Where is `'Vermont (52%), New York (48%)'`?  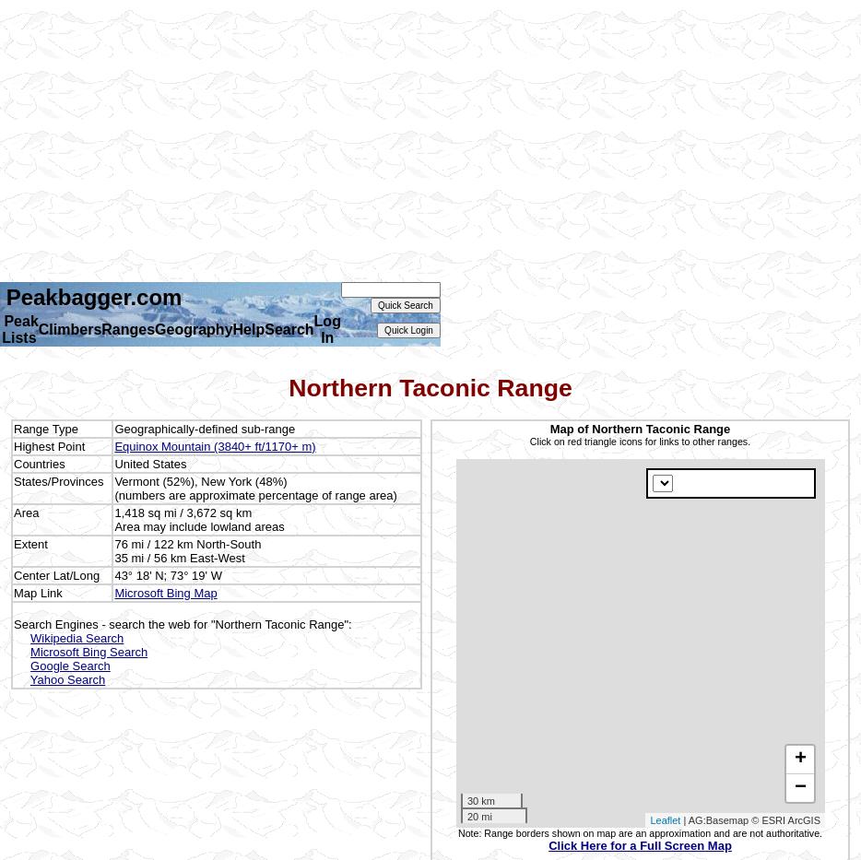
'Vermont (52%), New York (48%)' is located at coordinates (199, 479).